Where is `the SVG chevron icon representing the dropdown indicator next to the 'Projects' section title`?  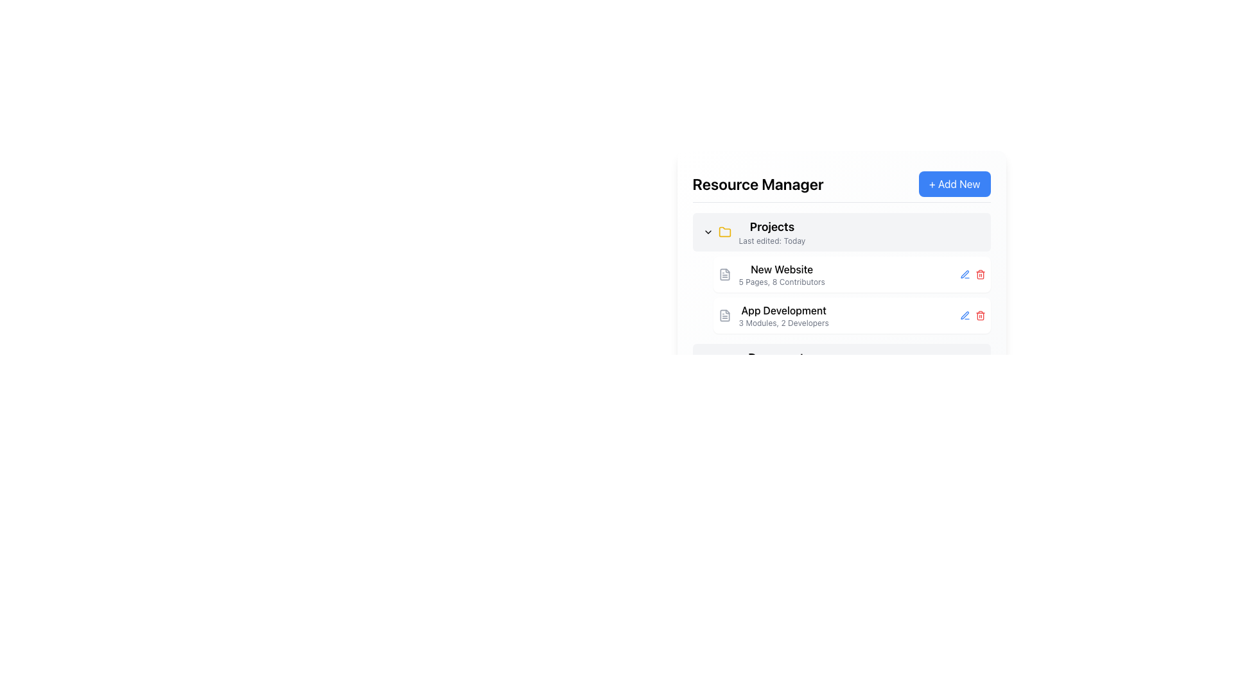
the SVG chevron icon representing the dropdown indicator next to the 'Projects' section title is located at coordinates (707, 232).